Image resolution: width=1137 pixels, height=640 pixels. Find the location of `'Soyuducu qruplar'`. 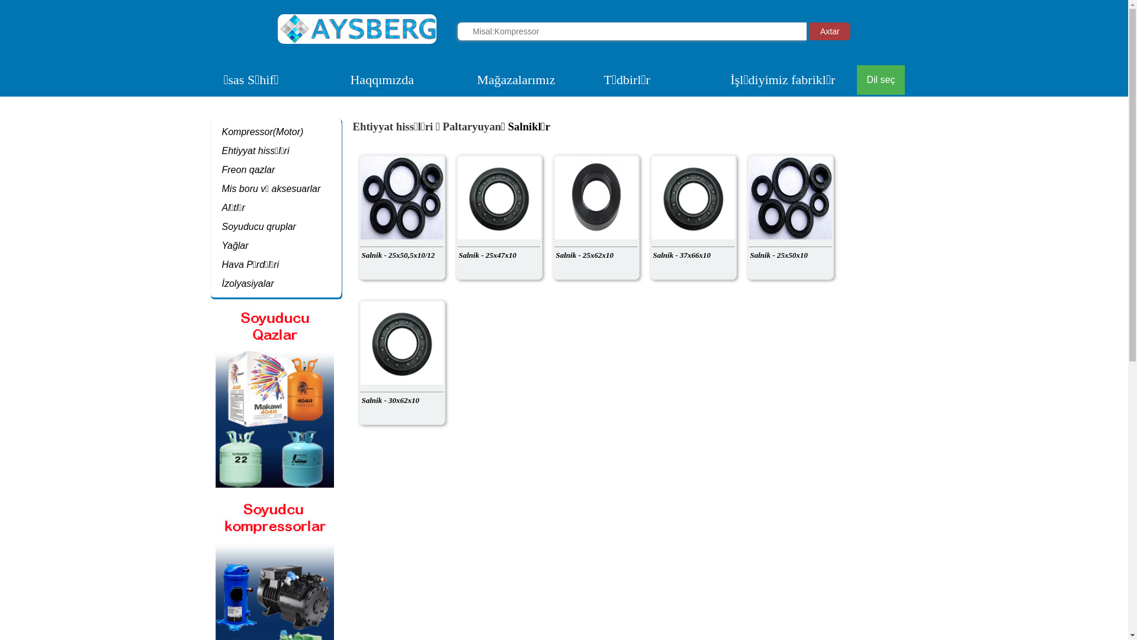

'Soyuducu qruplar' is located at coordinates (258, 226).